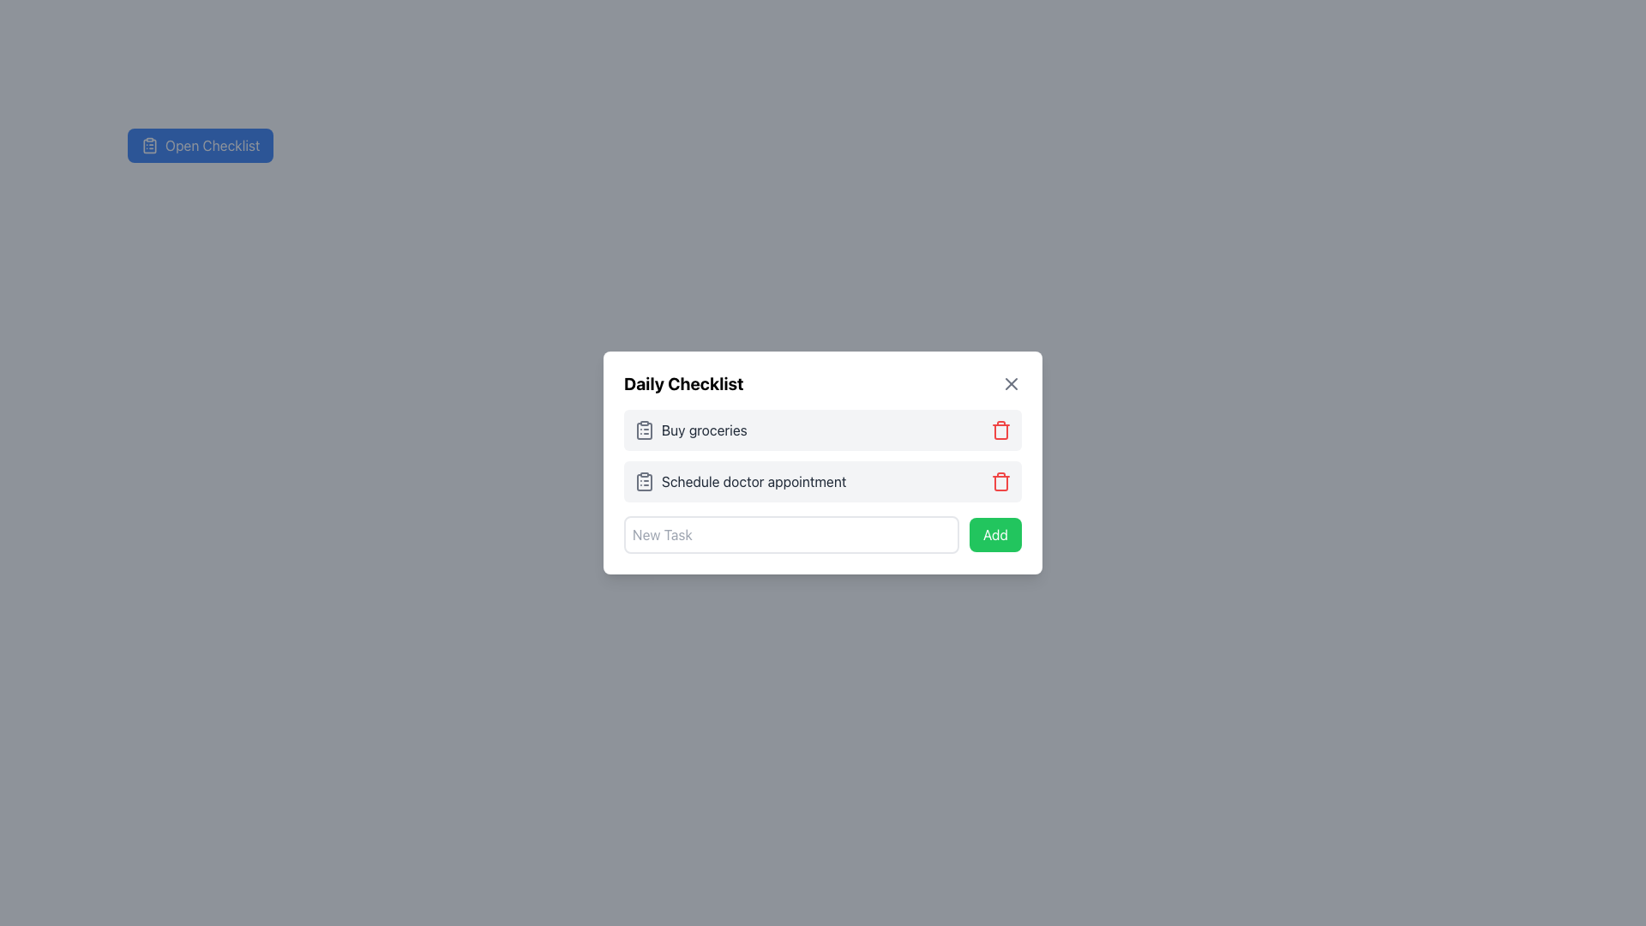 The height and width of the screenshot is (926, 1646). I want to click on the icon associated with the checklist item labeled 'Buy groceries' in the 'Daily Checklist' panel, so click(644, 429).